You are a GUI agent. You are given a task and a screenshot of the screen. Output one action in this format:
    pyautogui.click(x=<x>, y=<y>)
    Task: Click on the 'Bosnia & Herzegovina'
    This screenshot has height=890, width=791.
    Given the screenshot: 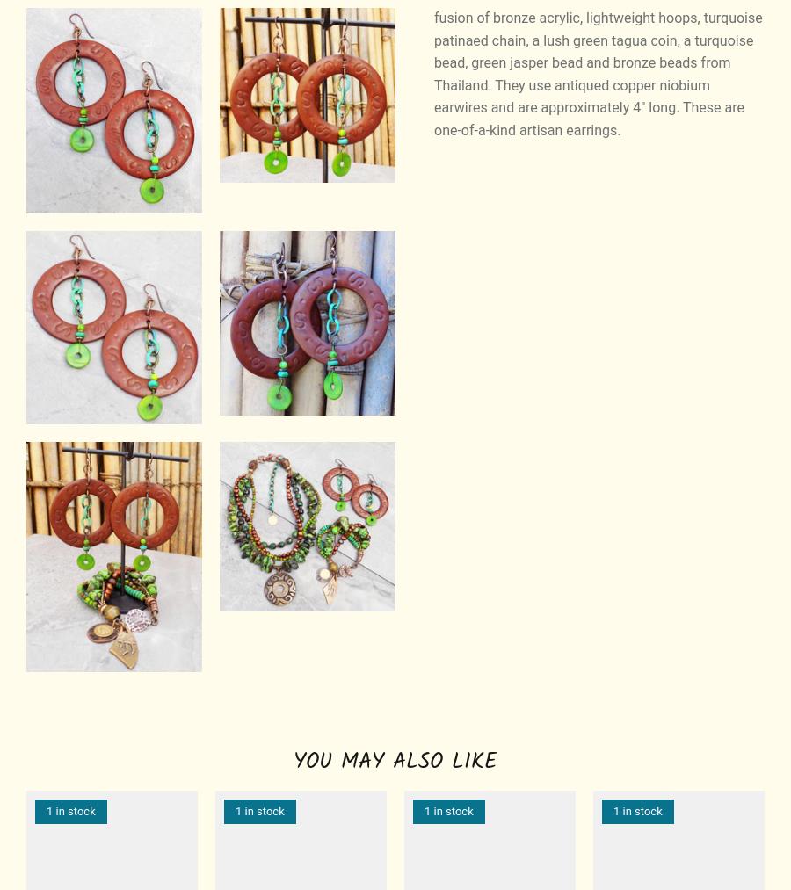 What is the action you would take?
    pyautogui.click(x=600, y=29)
    